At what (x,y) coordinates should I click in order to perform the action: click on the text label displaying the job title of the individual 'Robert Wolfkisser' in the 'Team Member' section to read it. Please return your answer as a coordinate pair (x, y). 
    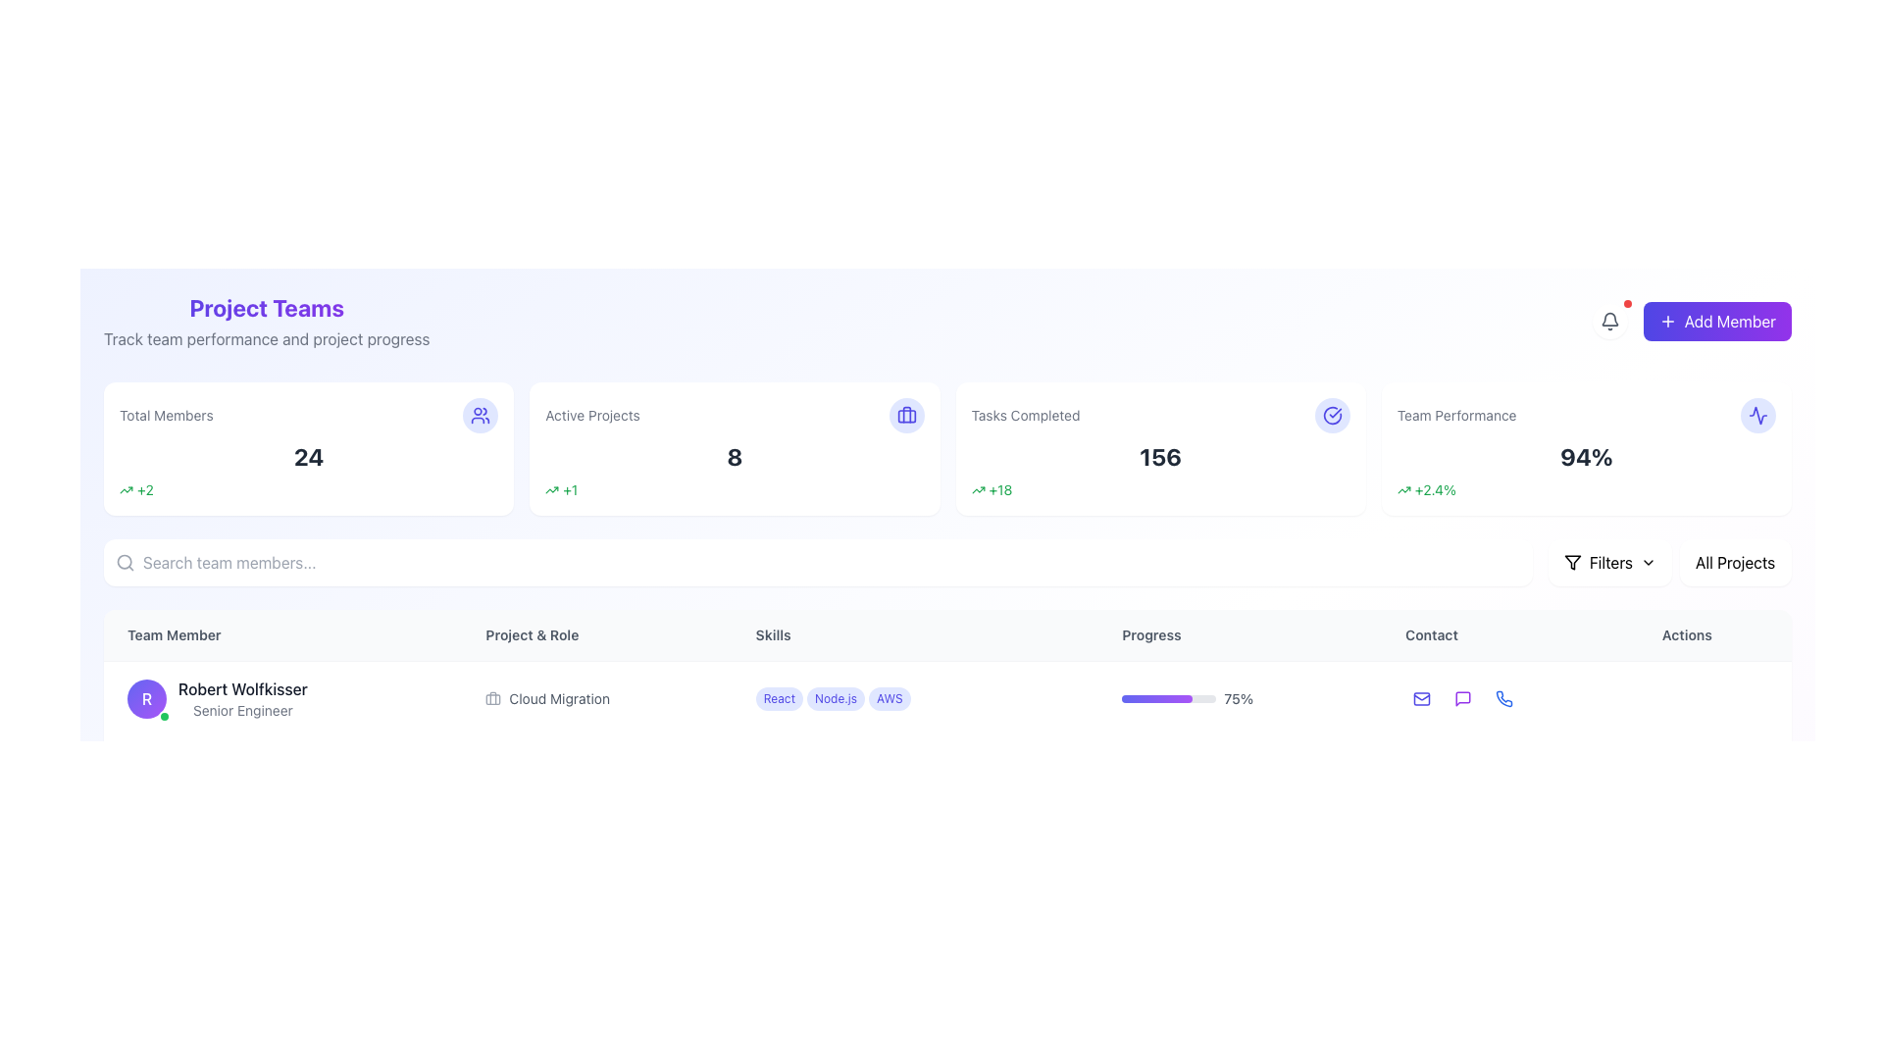
    Looking at the image, I should click on (241, 711).